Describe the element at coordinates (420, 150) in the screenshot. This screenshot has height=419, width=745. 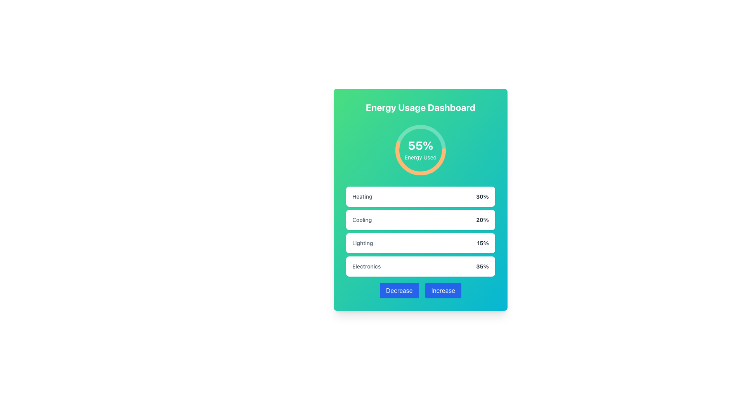
I see `the Circular Progress Bar that indicates energy usage, positioned below the 'Energy Usage Dashboard' title and above the categories 'Heating' and 'Cooling'` at that location.